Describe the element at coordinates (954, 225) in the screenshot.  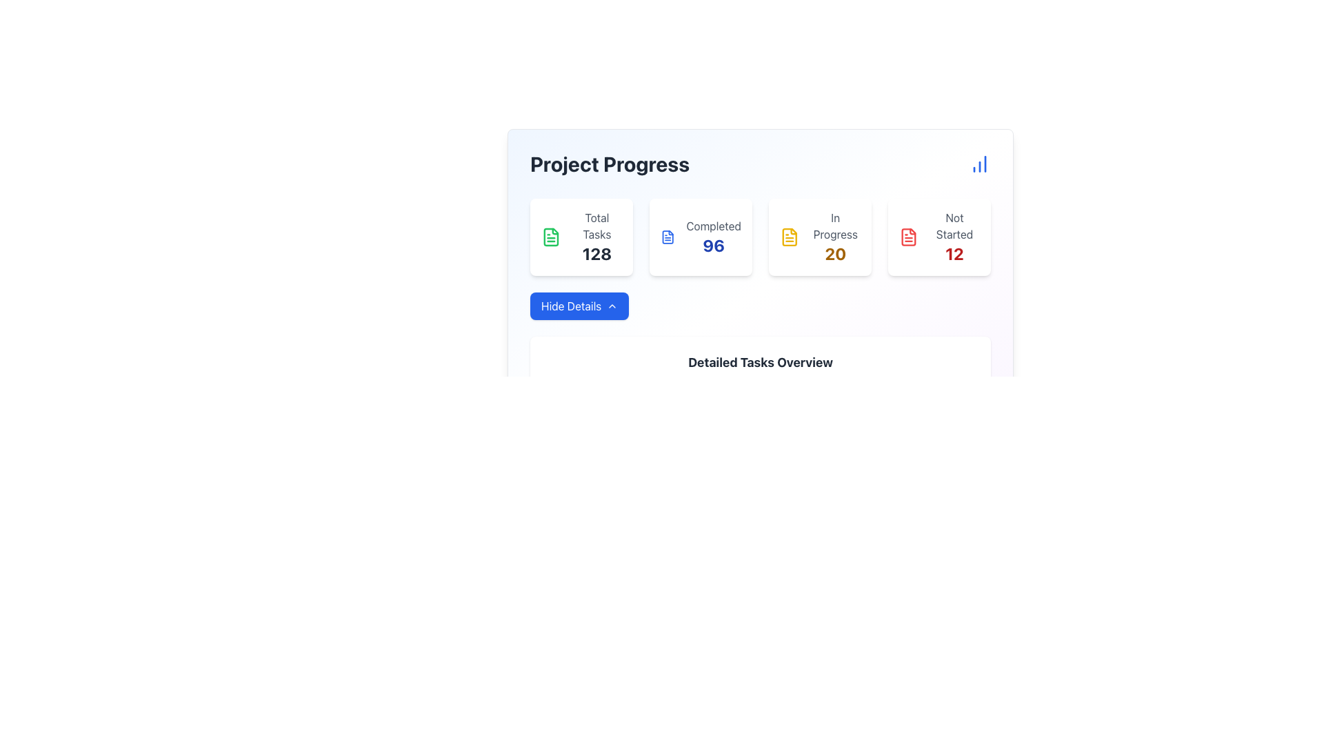
I see `the Text label displaying 'Not Started' in gray color located at the top of the card in the 'Project Progress' section` at that location.